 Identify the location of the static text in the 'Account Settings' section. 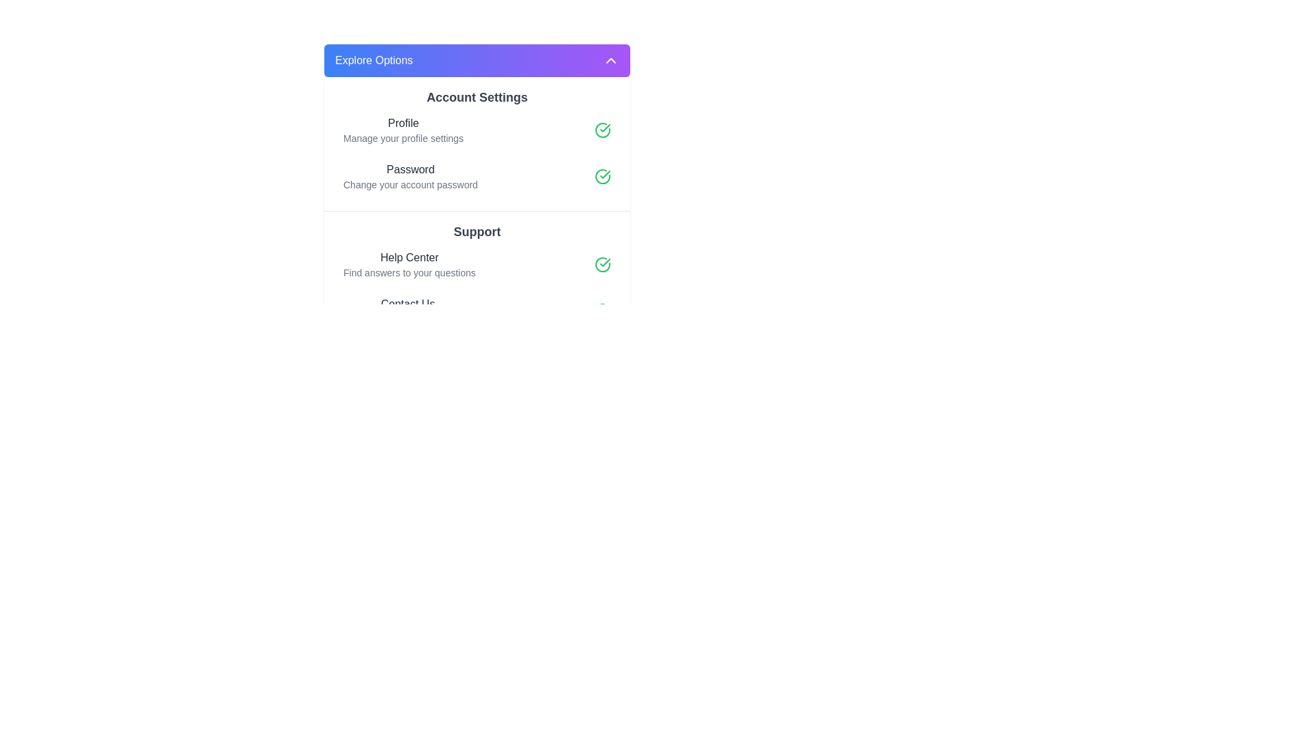
(402, 130).